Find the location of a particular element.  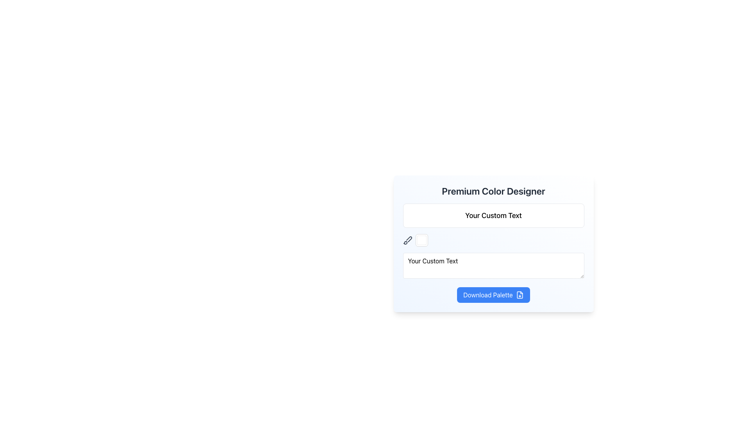

the download icon, which is a small document-shaped icon with a downward-pointing arrow, located at the right end of the 'Download Palette' button is located at coordinates (520, 295).